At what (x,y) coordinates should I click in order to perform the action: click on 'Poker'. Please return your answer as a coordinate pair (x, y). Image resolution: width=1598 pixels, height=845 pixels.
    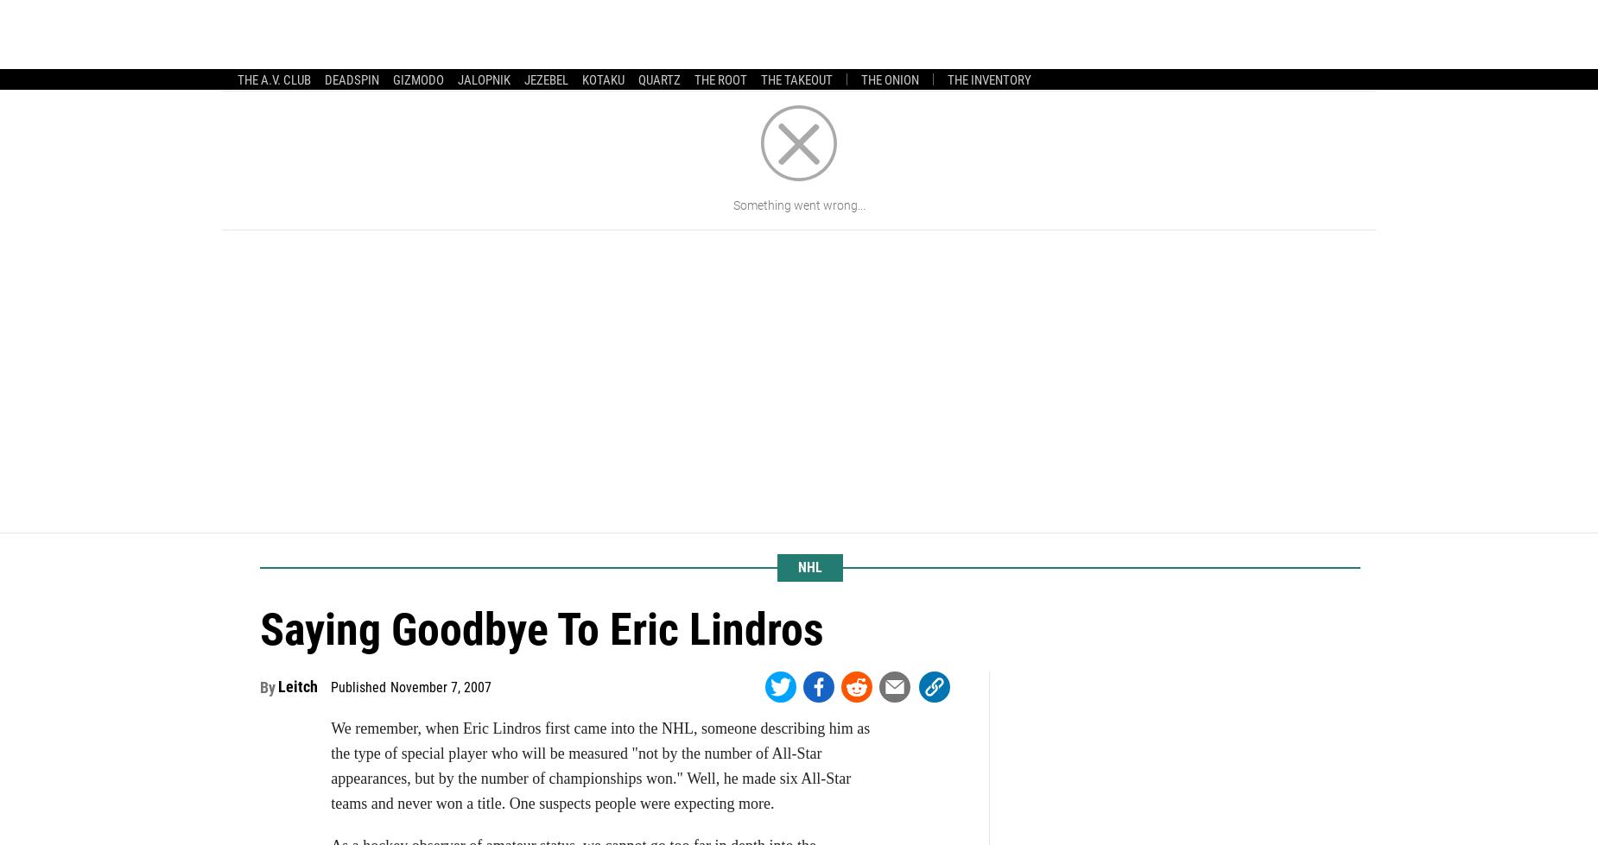
    Looking at the image, I should click on (1073, 47).